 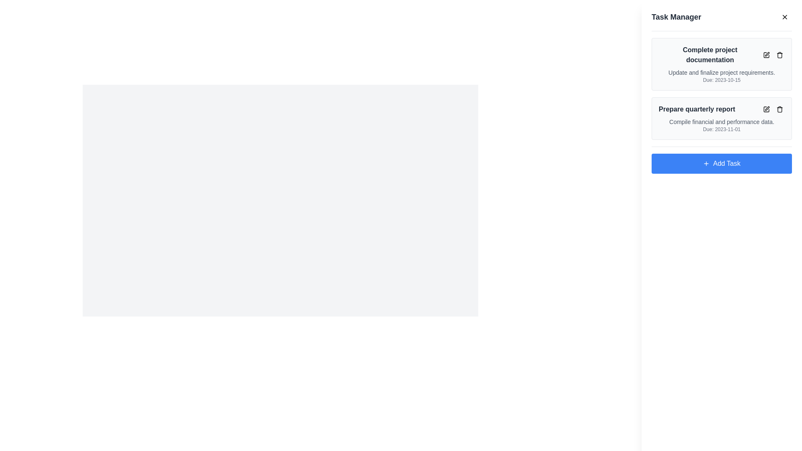 I want to click on the delete icon located in the 'Task Manager' sidebar next to the task labeled 'Prepare quarterly report', so click(x=773, y=109).